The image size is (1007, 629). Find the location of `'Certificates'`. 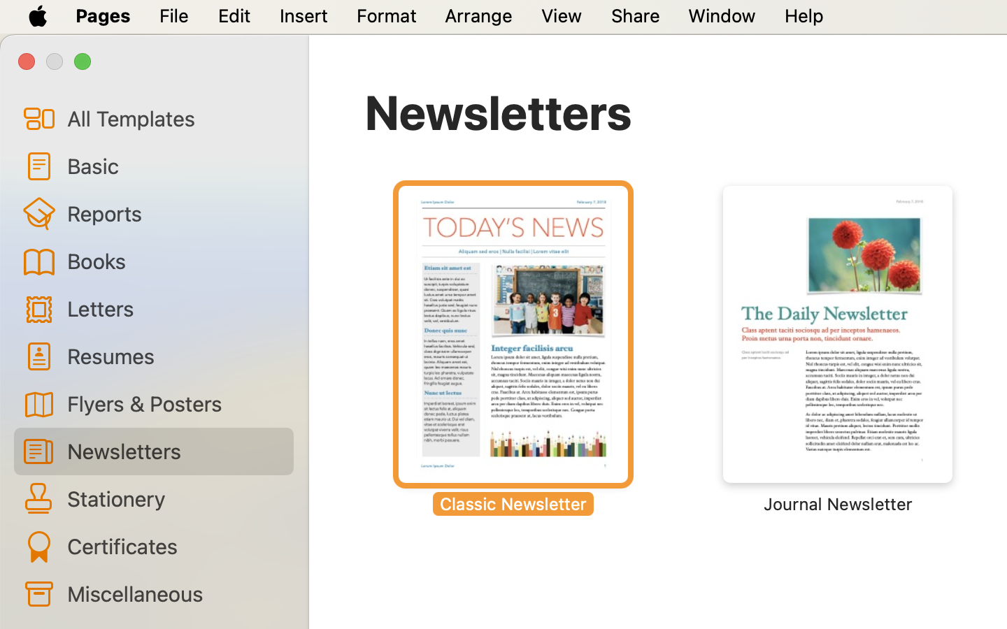

'Certificates' is located at coordinates (173, 545).